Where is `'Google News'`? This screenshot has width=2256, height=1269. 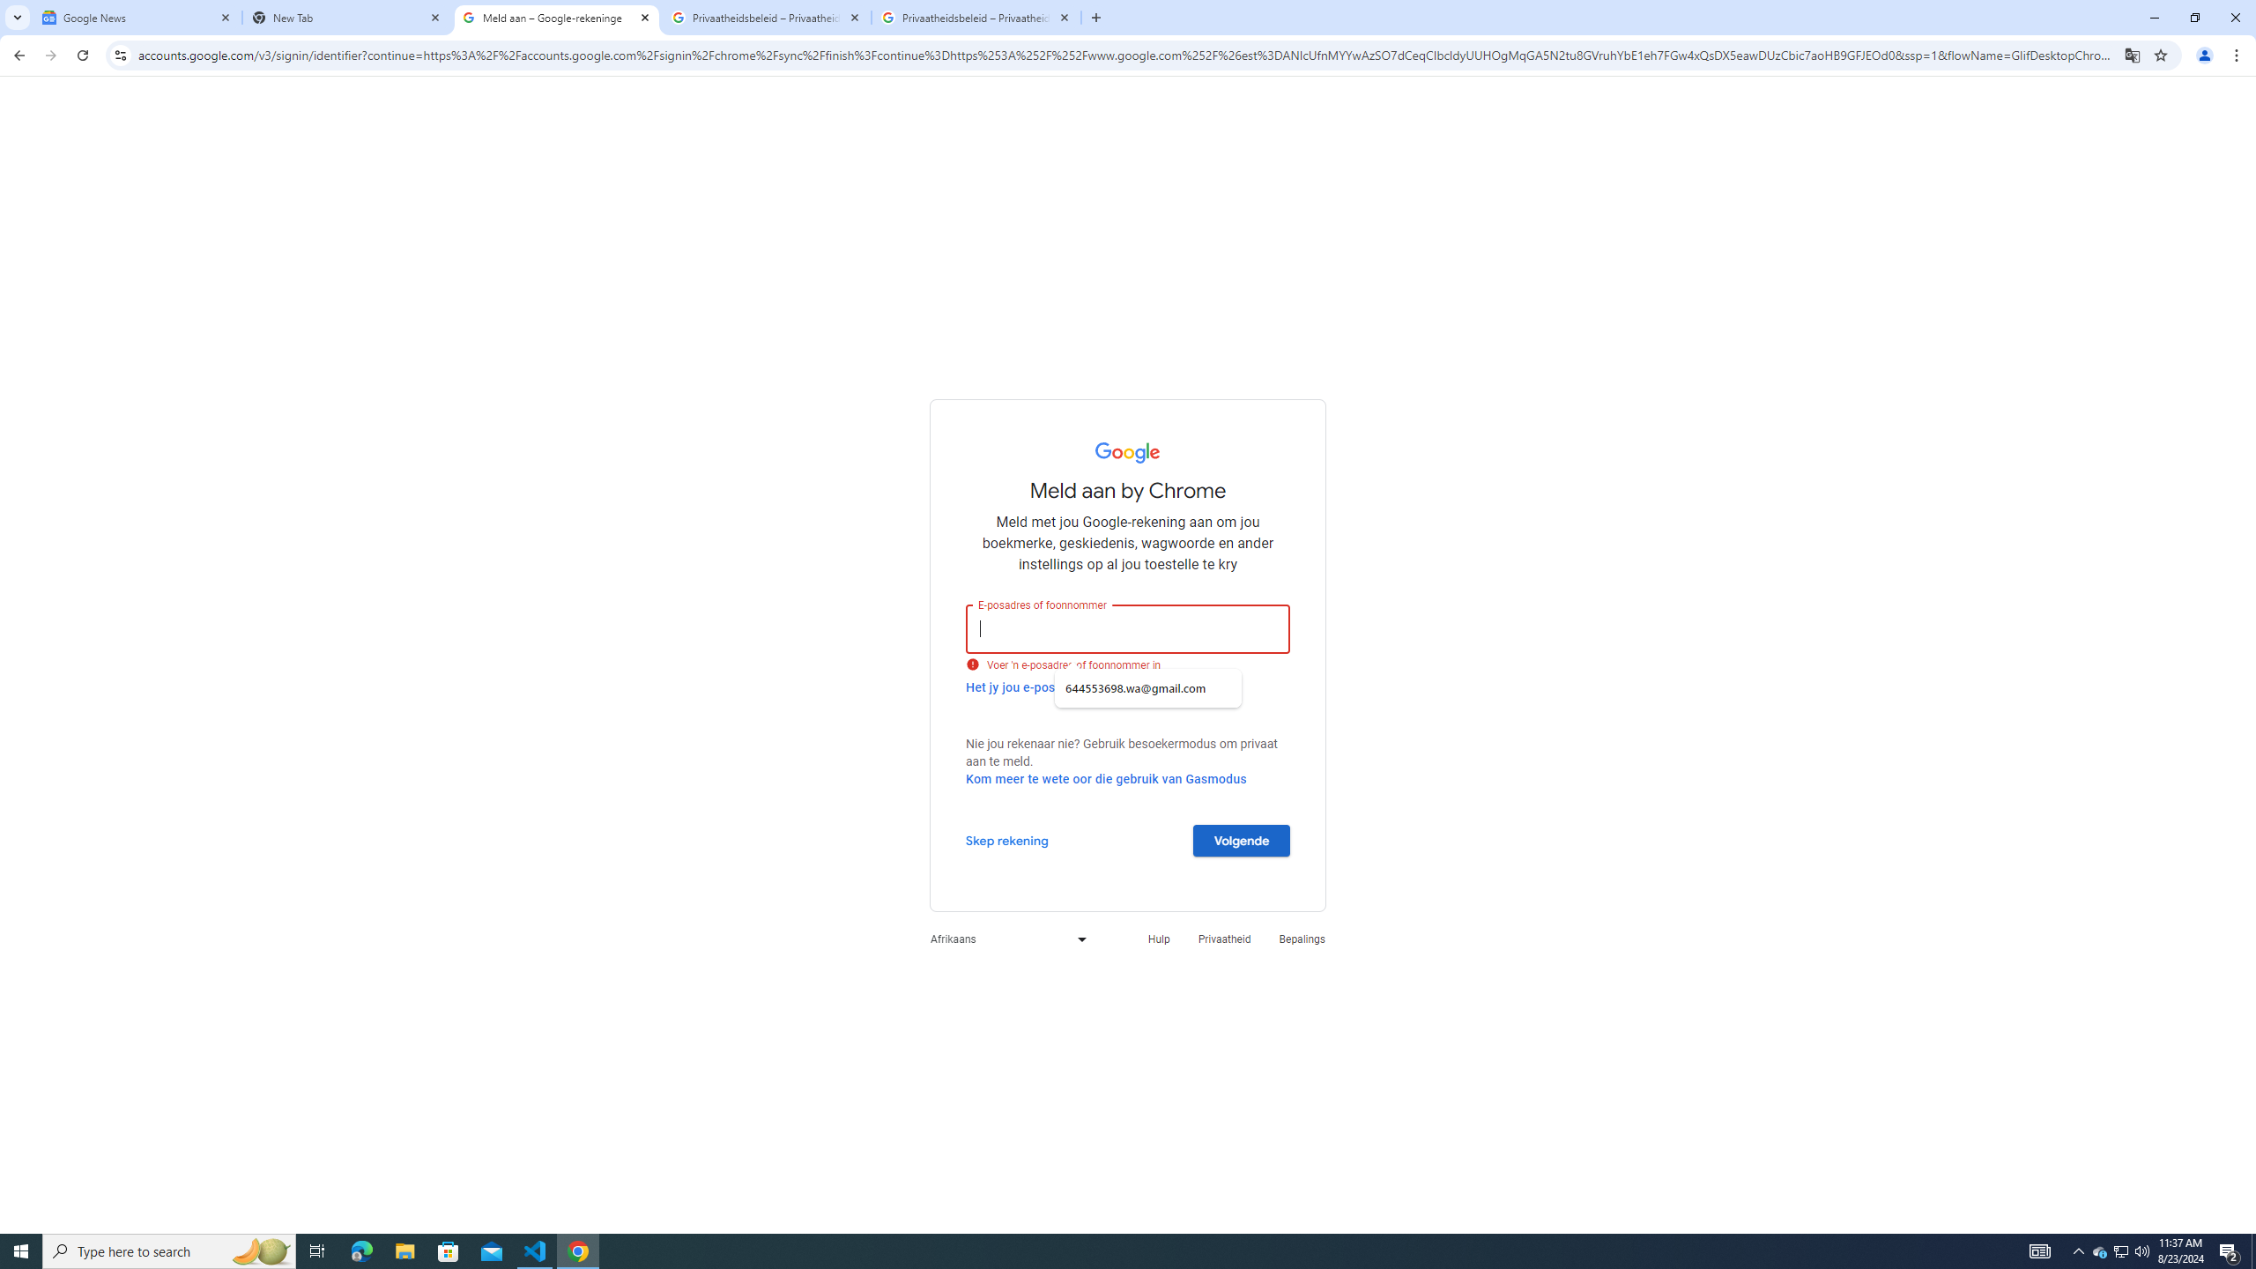
'Google News' is located at coordinates (137, 17).